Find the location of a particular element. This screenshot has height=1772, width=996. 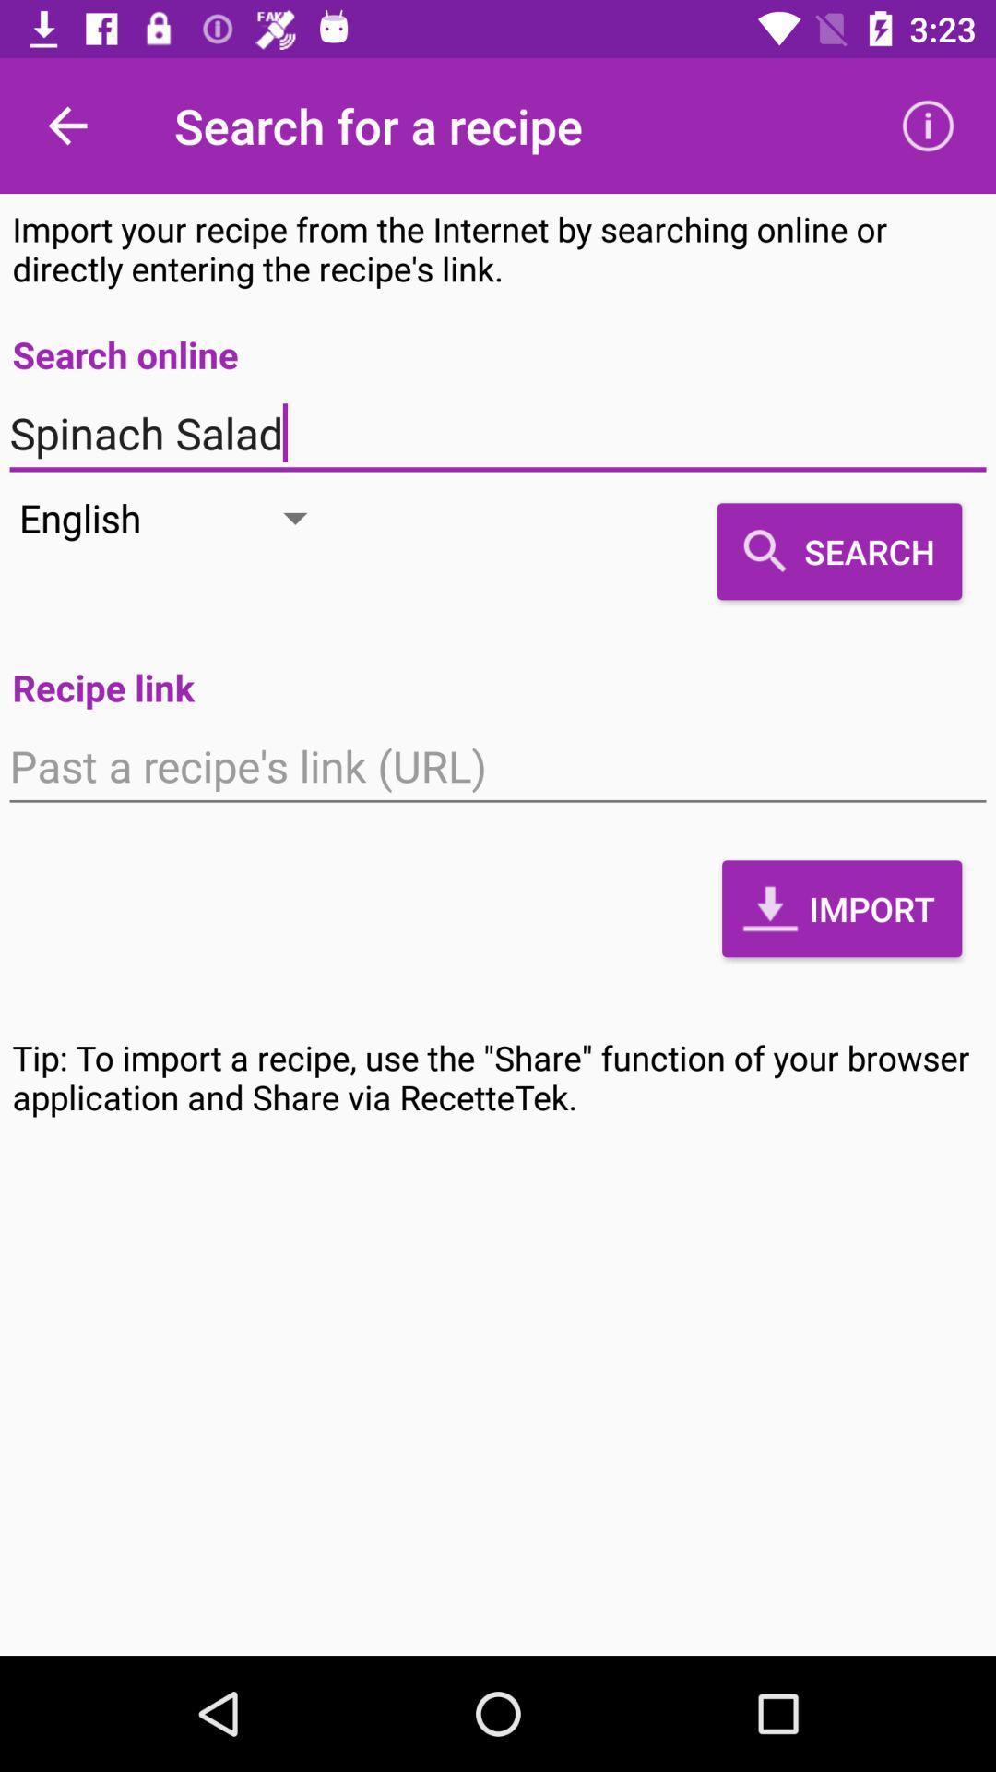

spinach salad item is located at coordinates (498, 433).